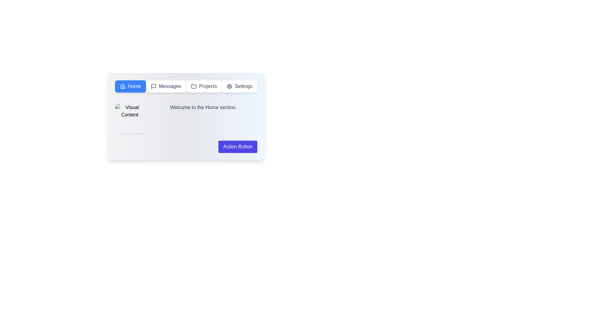 The image size is (589, 331). Describe the element at coordinates (229, 86) in the screenshot. I see `the settings button located at the right end of the horizontal navigation bar` at that location.